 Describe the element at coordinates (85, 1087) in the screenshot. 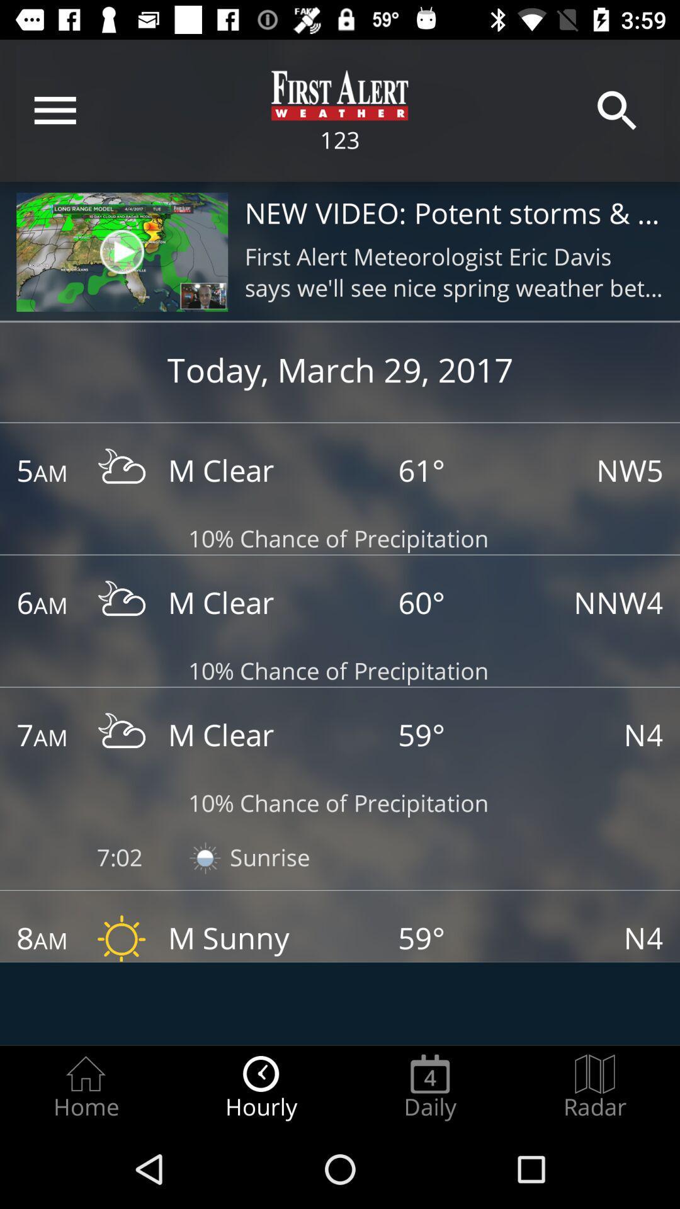

I see `home icon` at that location.